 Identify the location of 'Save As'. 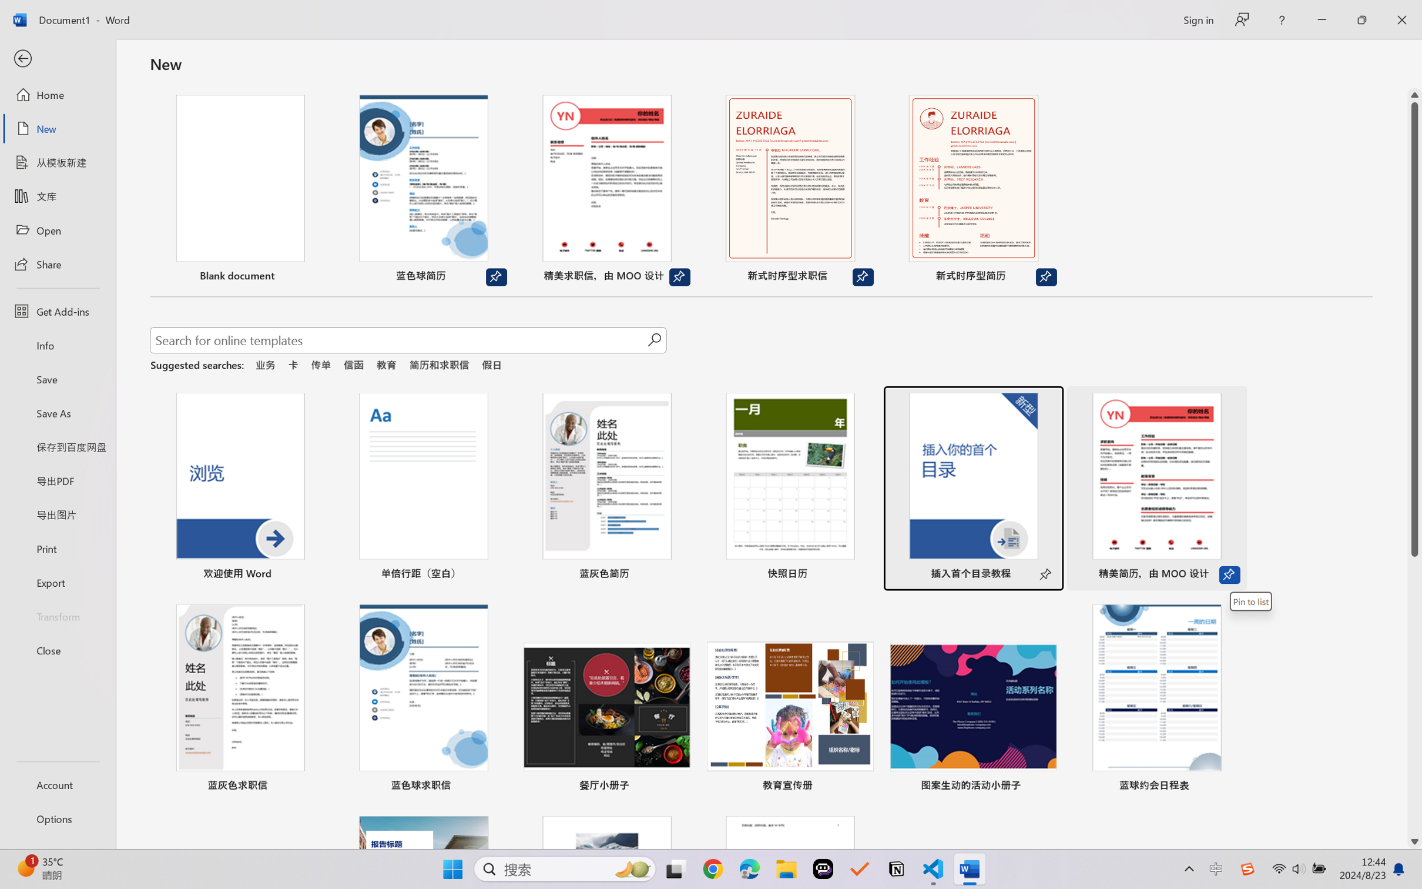
(57, 413).